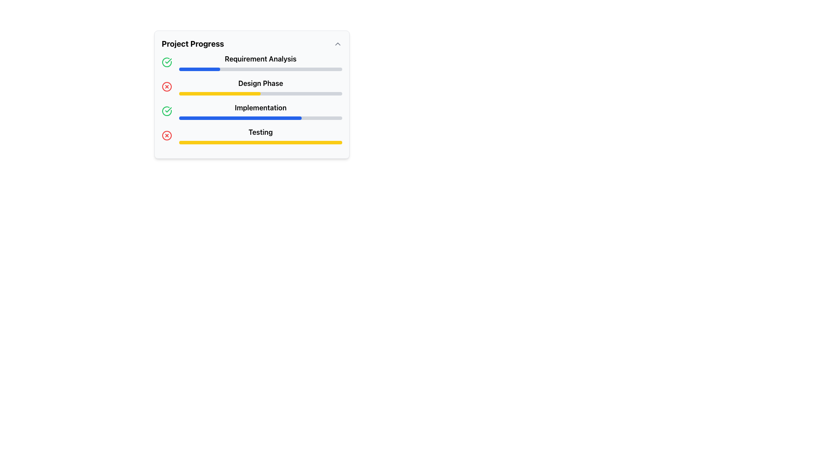 Image resolution: width=837 pixels, height=471 pixels. What do you see at coordinates (251, 110) in the screenshot?
I see `the 'Implementation' phase text` at bounding box center [251, 110].